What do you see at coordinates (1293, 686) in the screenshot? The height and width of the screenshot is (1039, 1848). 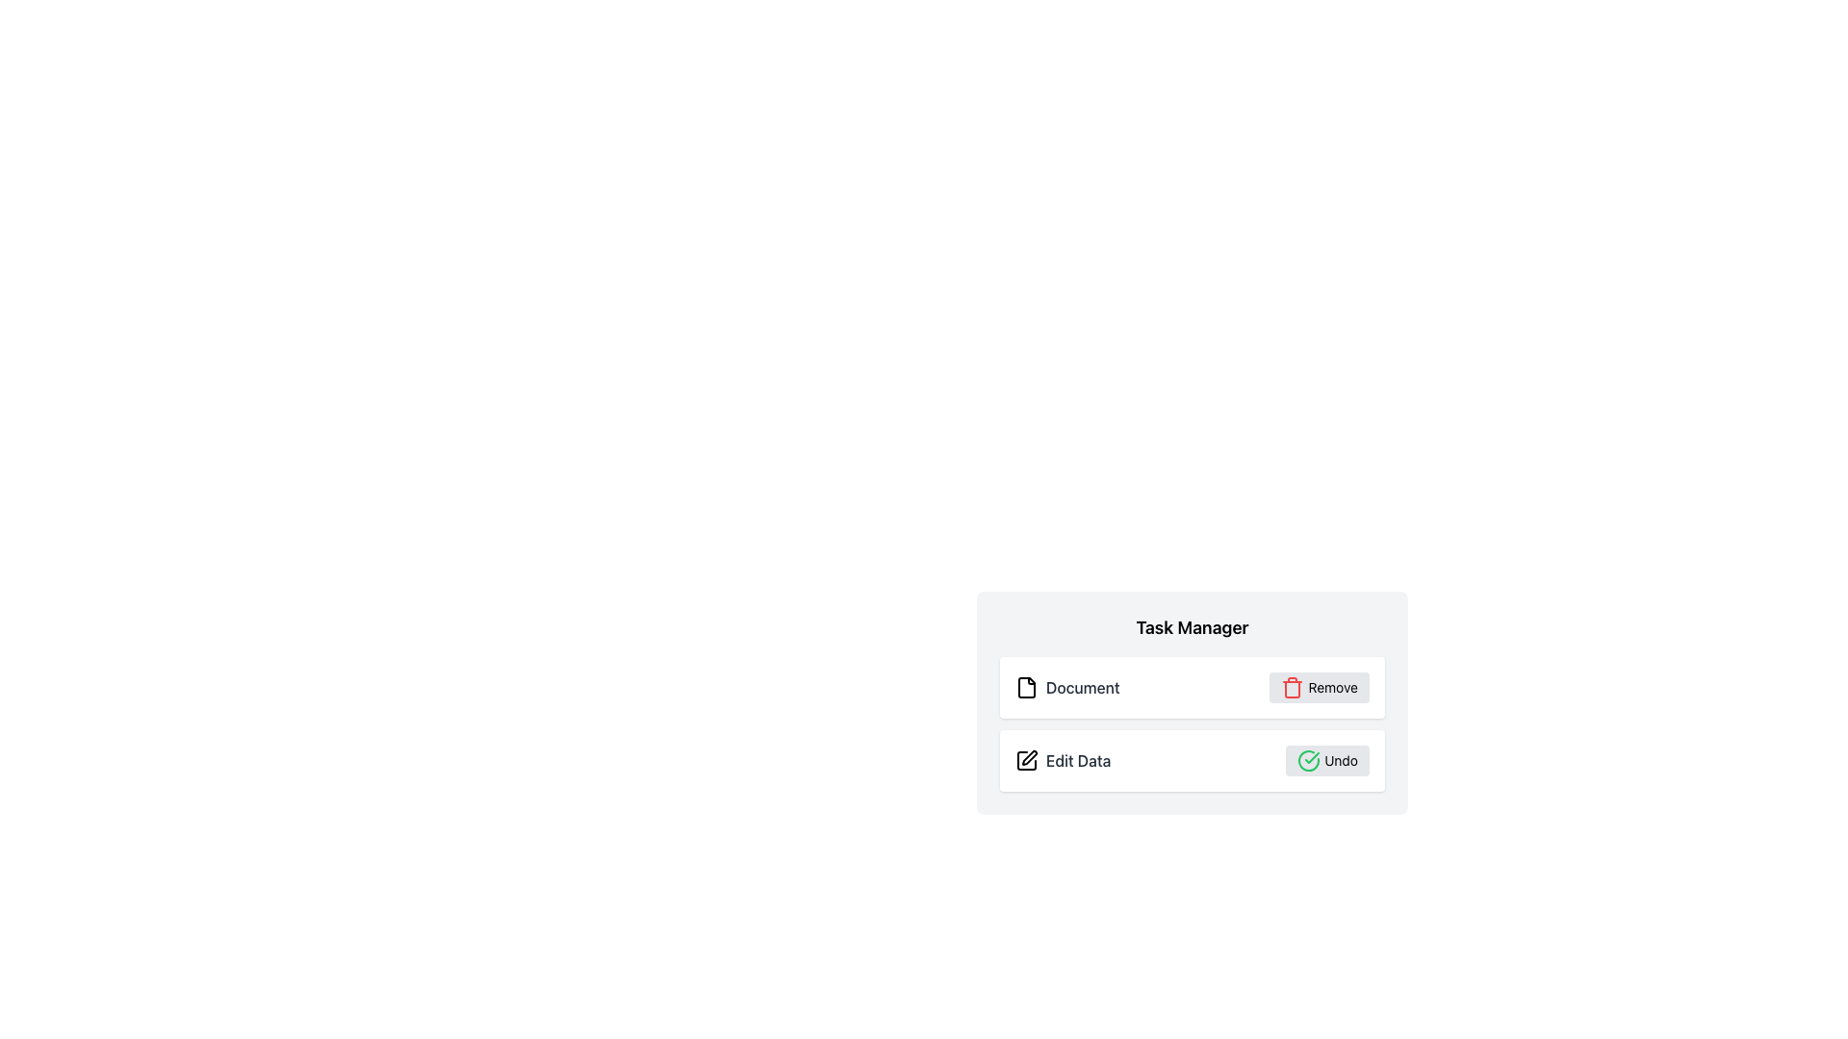 I see `the red trash can icon within the 'Remove' button in the Task Manager interface` at bounding box center [1293, 686].